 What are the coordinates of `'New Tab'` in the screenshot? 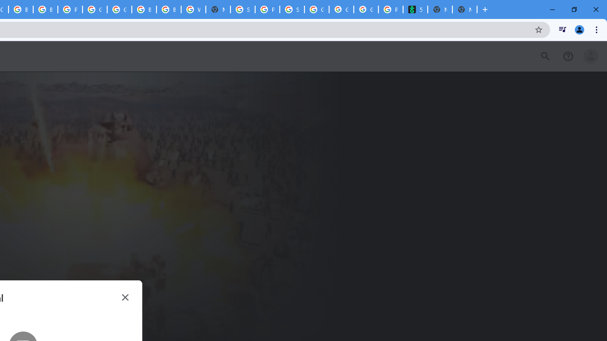 It's located at (464, 9).